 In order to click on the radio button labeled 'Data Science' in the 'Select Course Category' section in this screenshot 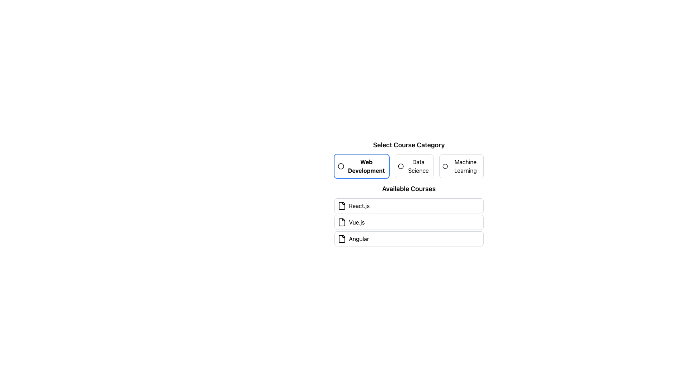, I will do `click(409, 166)`.